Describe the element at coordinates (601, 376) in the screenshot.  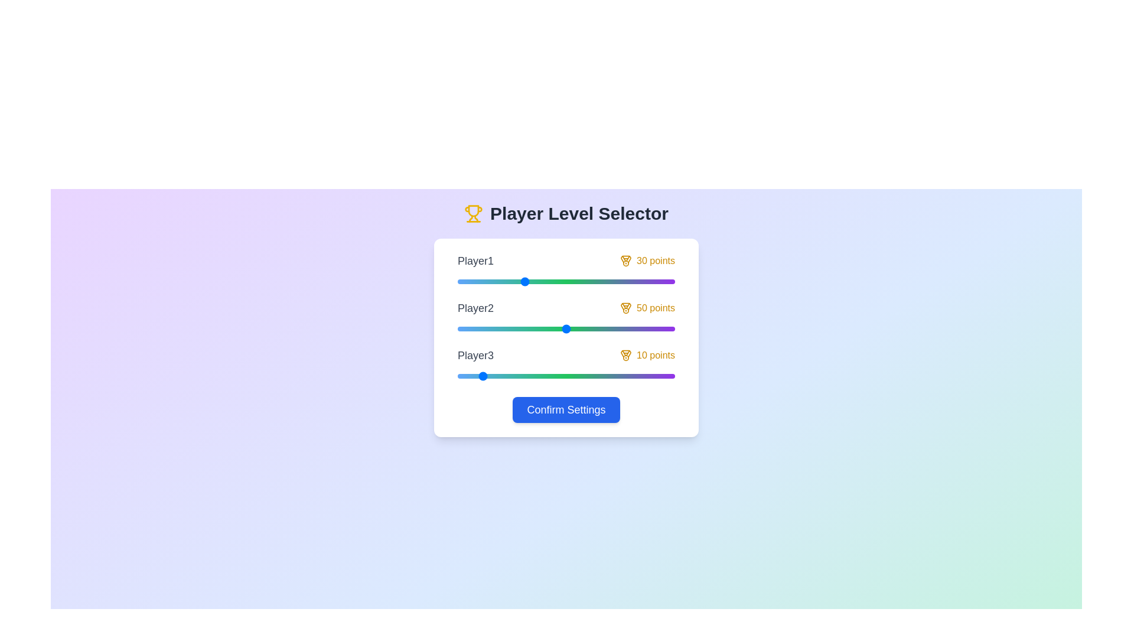
I see `the slider for Player3 to set their level to 66` at that location.